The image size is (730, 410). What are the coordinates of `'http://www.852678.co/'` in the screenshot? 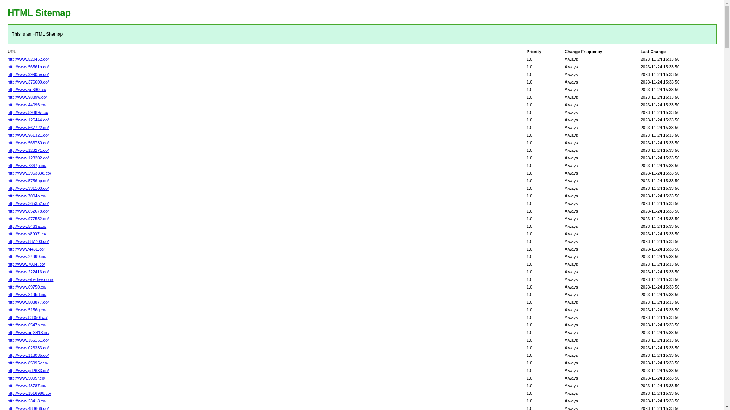 It's located at (28, 211).